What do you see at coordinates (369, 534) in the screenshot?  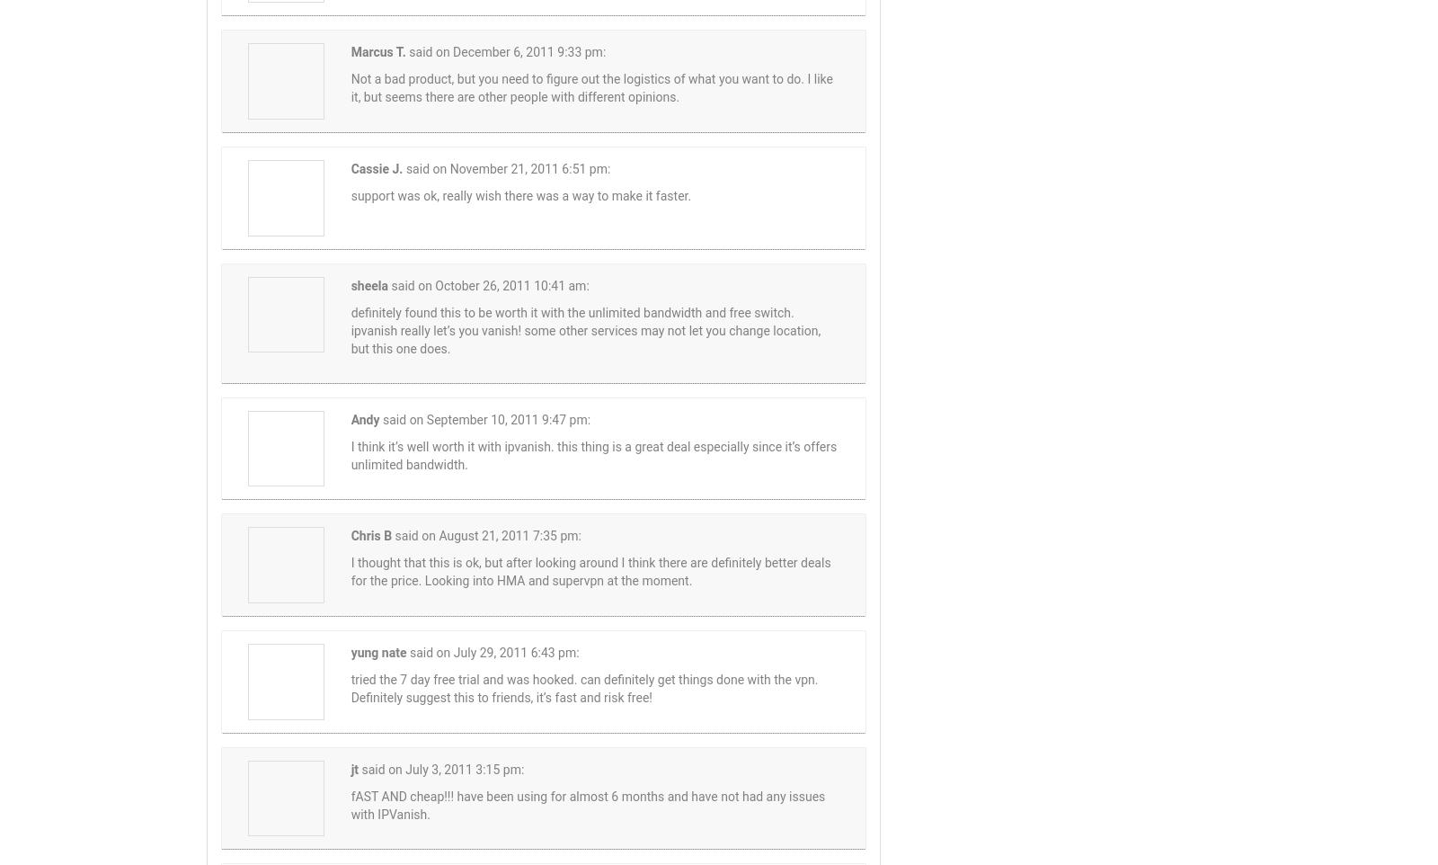 I see `'Chris B'` at bounding box center [369, 534].